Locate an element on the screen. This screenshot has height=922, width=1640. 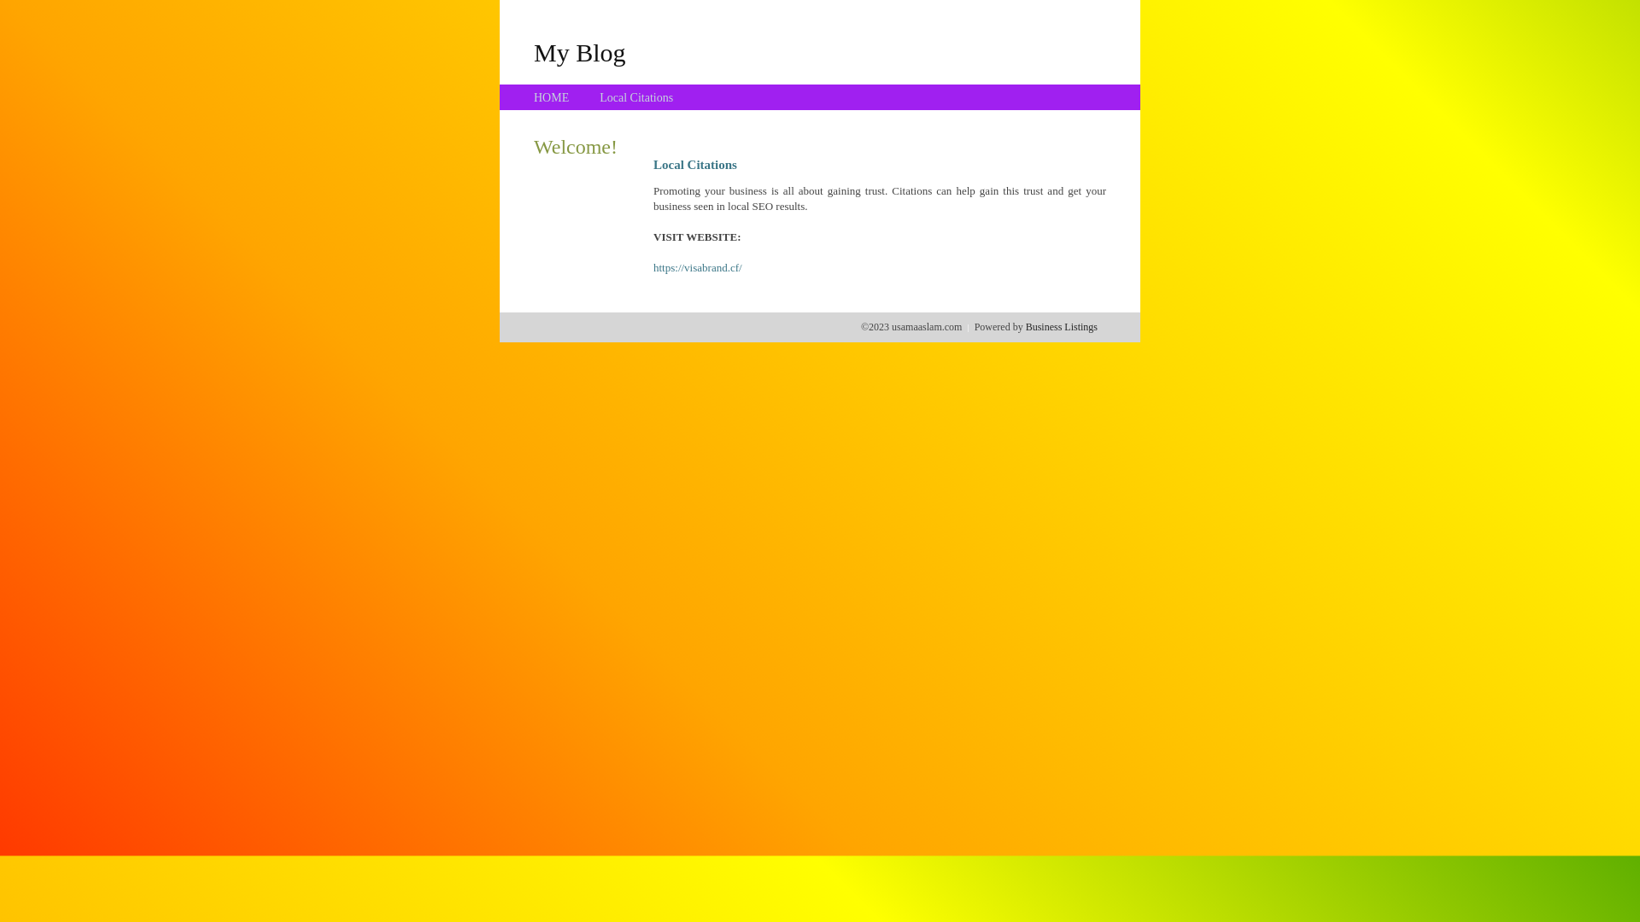
'HOME' is located at coordinates (551, 97).